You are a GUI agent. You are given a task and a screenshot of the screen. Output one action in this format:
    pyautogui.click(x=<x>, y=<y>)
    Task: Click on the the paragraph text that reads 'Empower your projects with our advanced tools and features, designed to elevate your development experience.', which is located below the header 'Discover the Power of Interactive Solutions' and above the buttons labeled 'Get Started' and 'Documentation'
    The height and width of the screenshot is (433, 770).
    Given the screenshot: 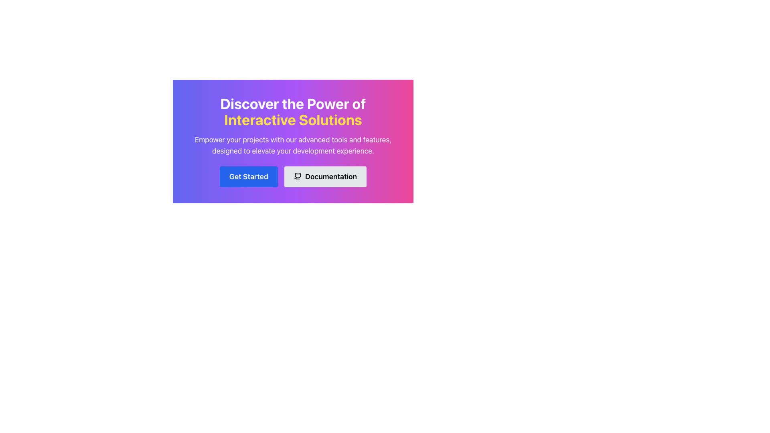 What is the action you would take?
    pyautogui.click(x=292, y=145)
    